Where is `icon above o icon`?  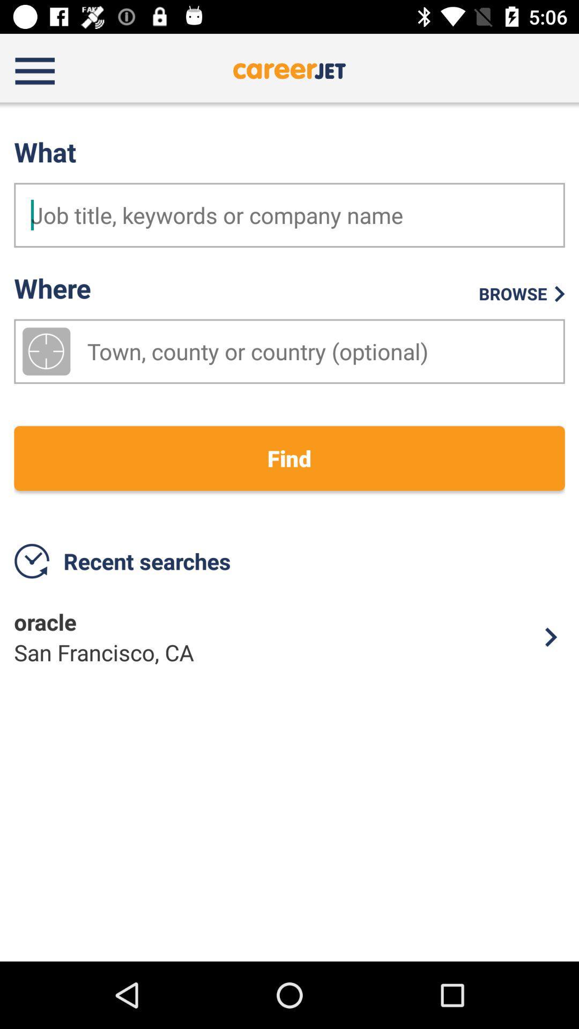
icon above o icon is located at coordinates (289, 458).